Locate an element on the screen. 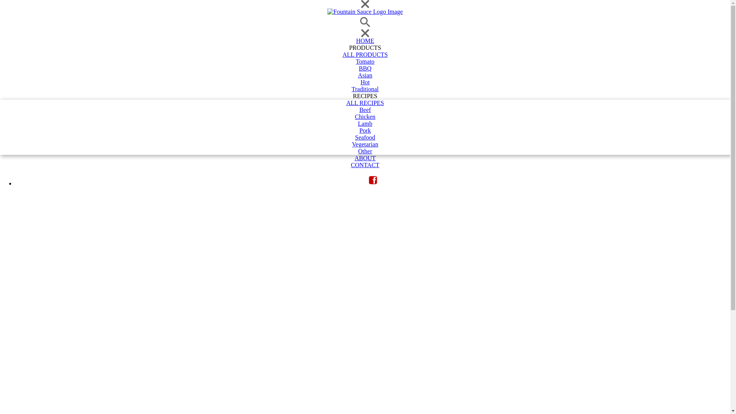 The image size is (736, 414). 'RECIPES' is located at coordinates (365, 95).